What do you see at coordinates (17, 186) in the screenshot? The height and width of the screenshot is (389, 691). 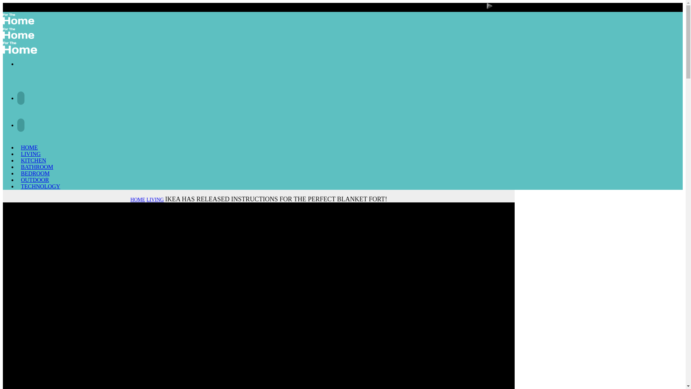 I see `'TECHNOLOGY'` at bounding box center [17, 186].